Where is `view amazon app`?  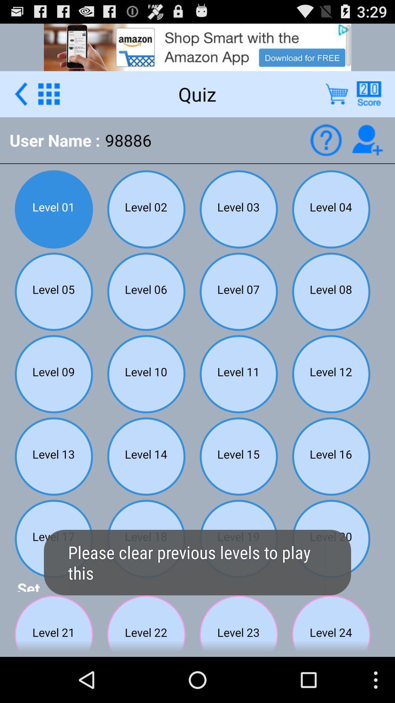 view amazon app is located at coordinates (197, 47).